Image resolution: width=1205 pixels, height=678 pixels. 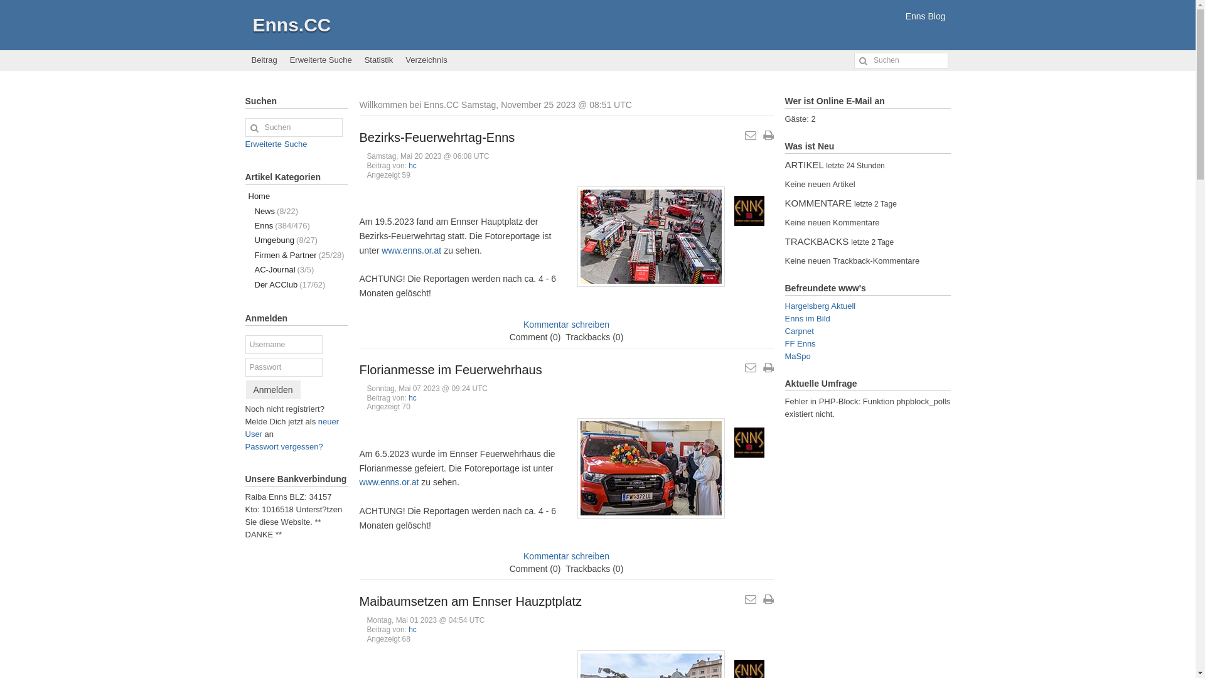 I want to click on 'Erweiterte Suche', so click(x=321, y=60).